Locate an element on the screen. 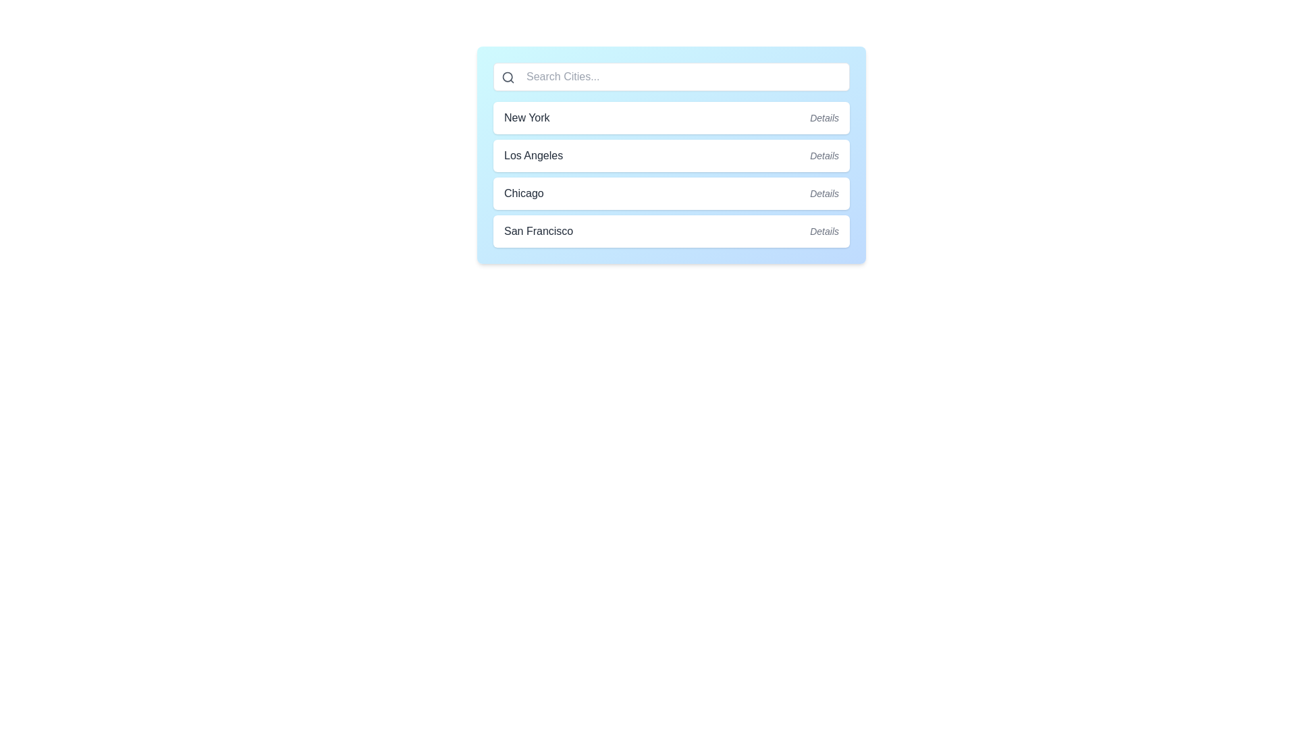 The width and height of the screenshot is (1296, 729). the second list item displaying information about 'Los Angeles', which is located between 'New York' and 'Chicago' is located at coordinates (671, 155).